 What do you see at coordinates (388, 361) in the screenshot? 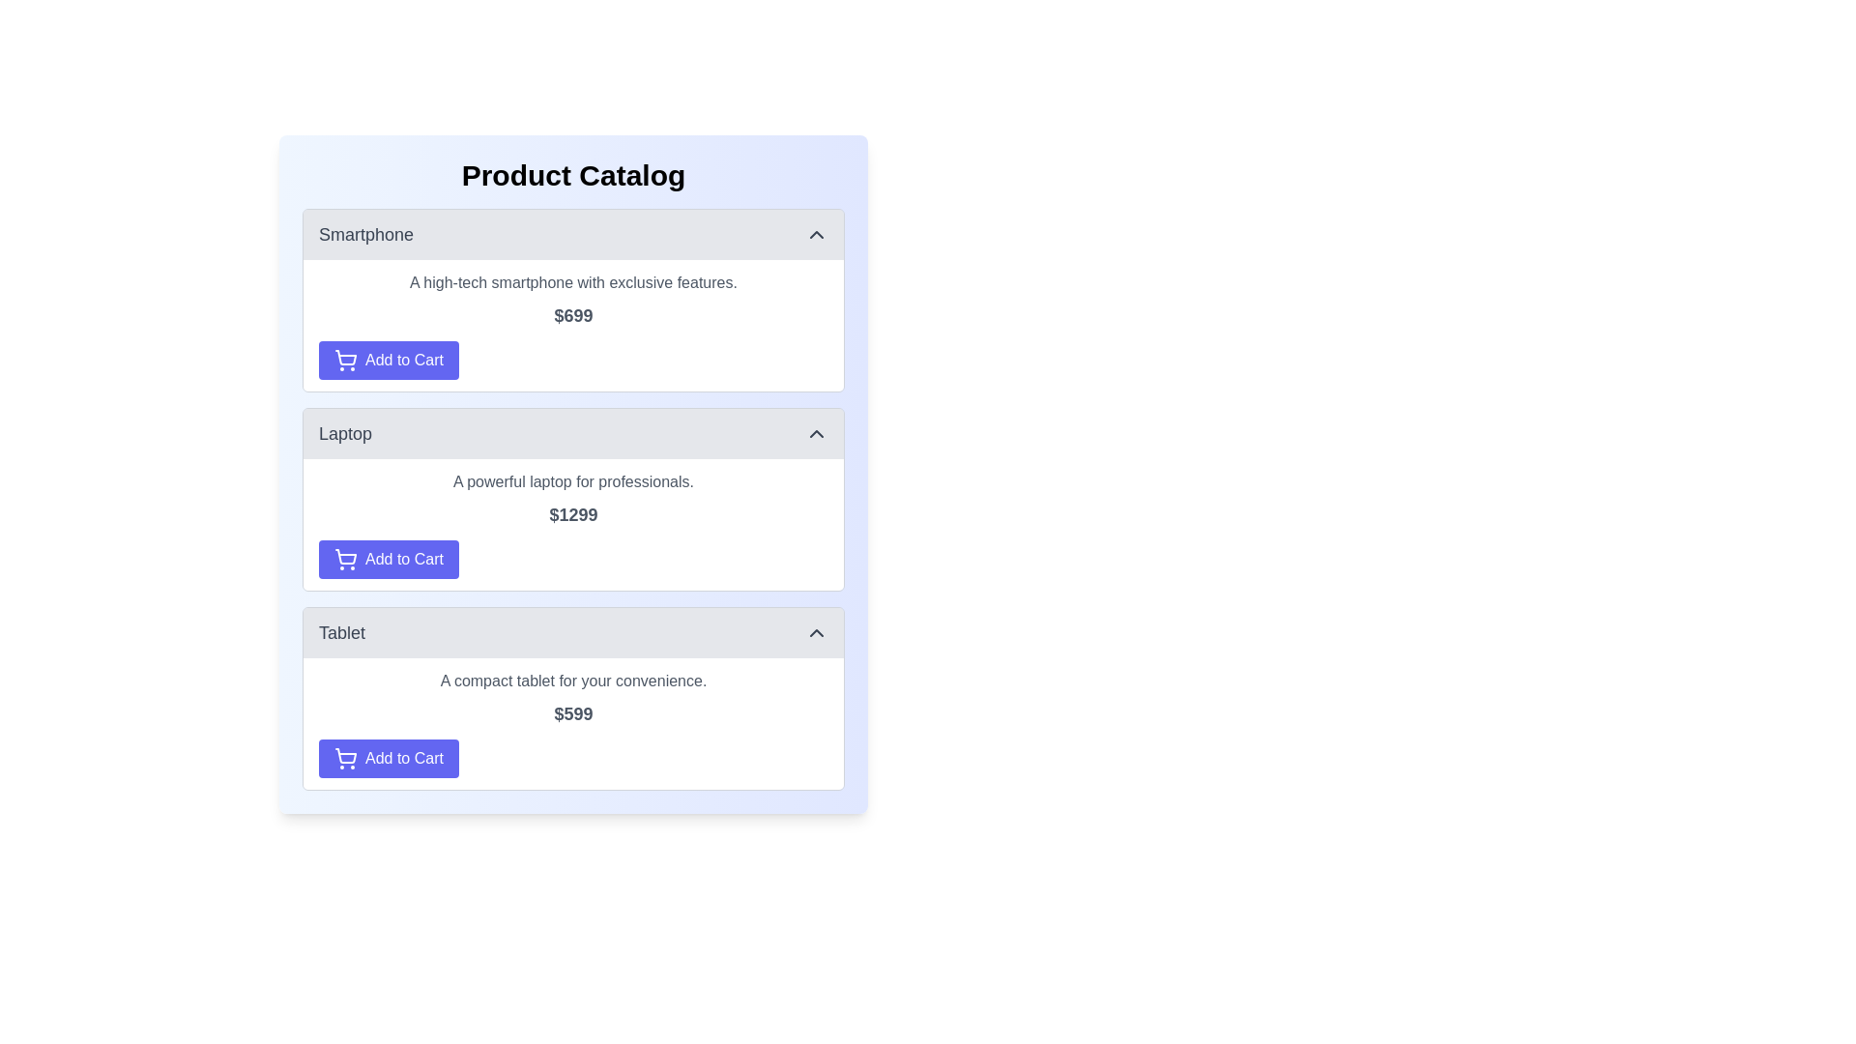
I see `the 'Add to Cart' button for the 'Smartphone' product to change its background shade` at bounding box center [388, 361].